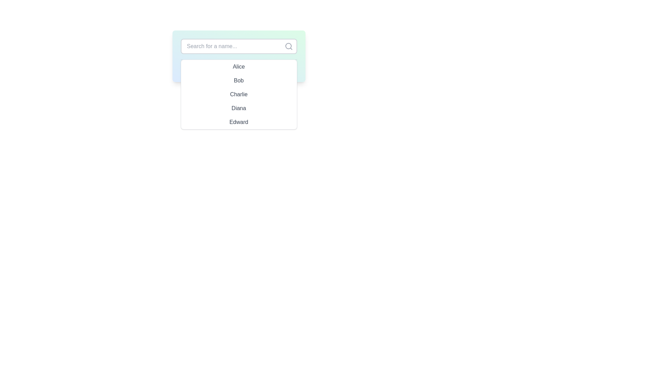 The height and width of the screenshot is (374, 665). Describe the element at coordinates (239, 56) in the screenshot. I see `the navigation and selection dropdown with a search field, which is a rounded rectangle with a gradient background transitioning from green to blue, located near the top of the interface` at that location.